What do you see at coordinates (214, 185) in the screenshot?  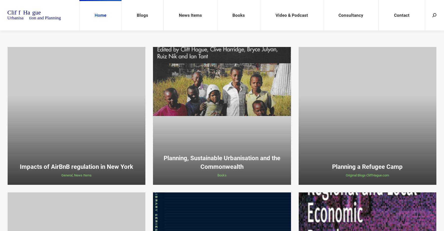 I see `'Link to buy'` at bounding box center [214, 185].